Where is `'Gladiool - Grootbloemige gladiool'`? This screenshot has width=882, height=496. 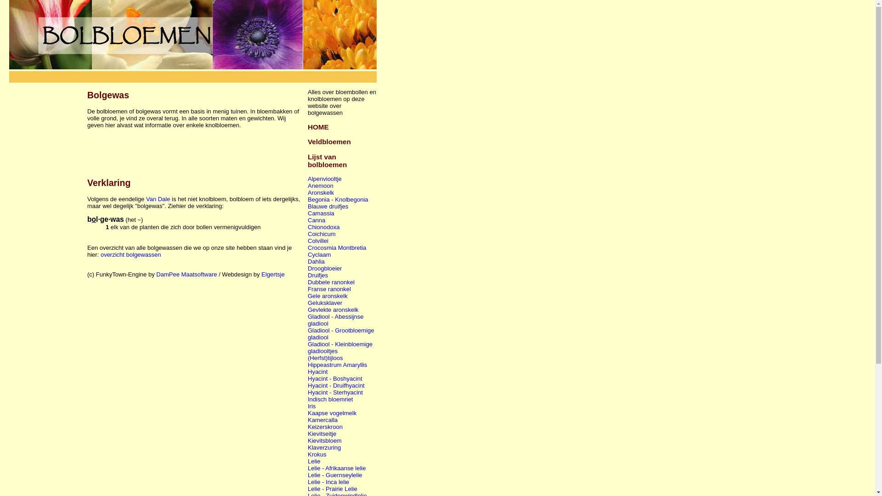
'Gladiool - Grootbloemige gladiool' is located at coordinates (340, 333).